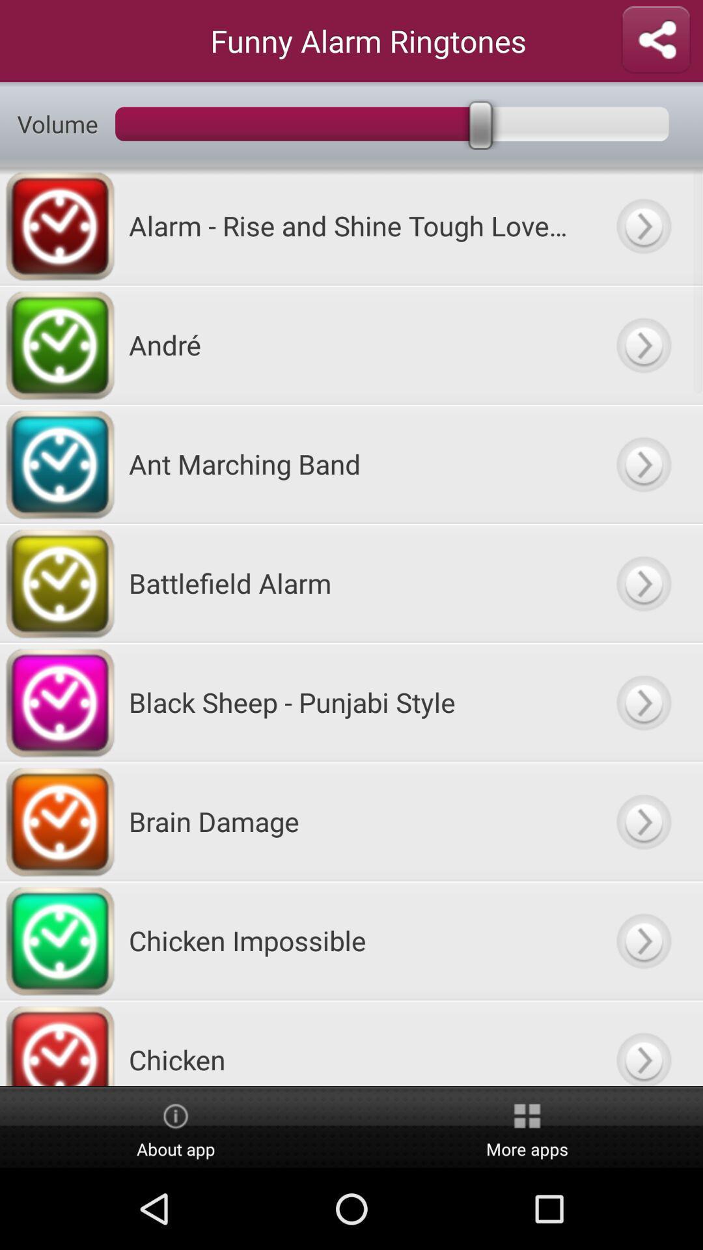 The width and height of the screenshot is (703, 1250). What do you see at coordinates (642, 1043) in the screenshot?
I see `option` at bounding box center [642, 1043].